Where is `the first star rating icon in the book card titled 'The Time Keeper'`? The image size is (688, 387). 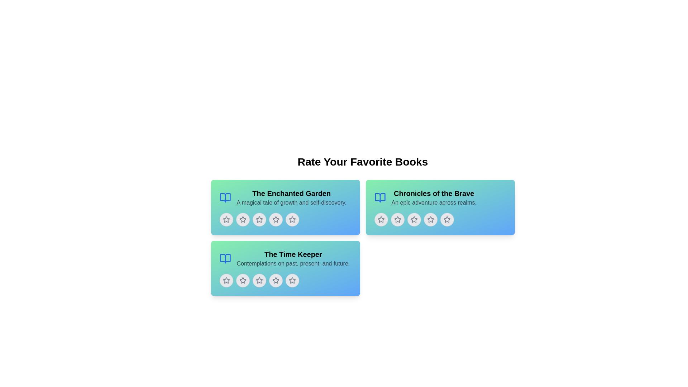
the first star rating icon in the book card titled 'The Time Keeper' is located at coordinates (226, 280).